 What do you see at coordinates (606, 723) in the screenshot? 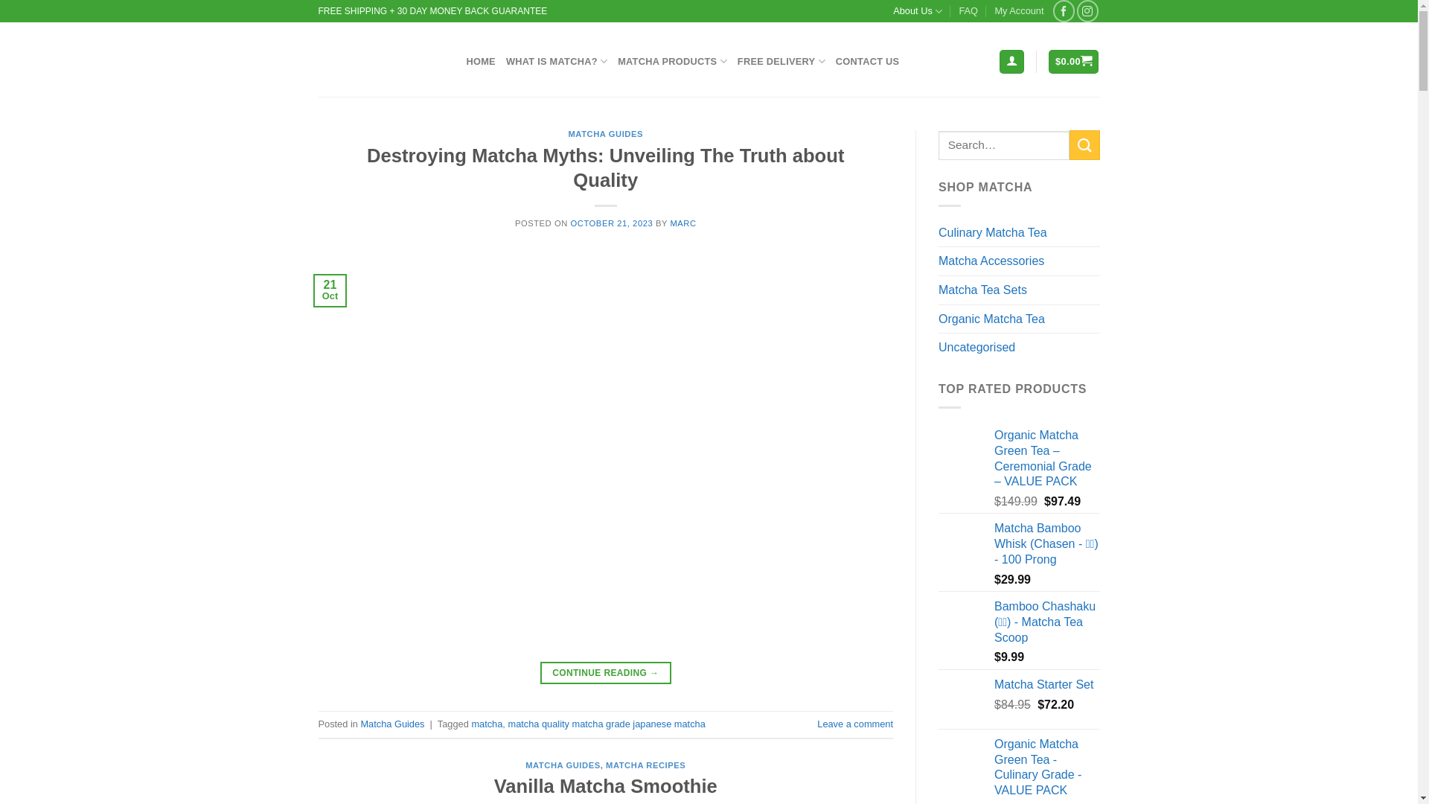
I see `'matcha quality matcha grade japanese matcha'` at bounding box center [606, 723].